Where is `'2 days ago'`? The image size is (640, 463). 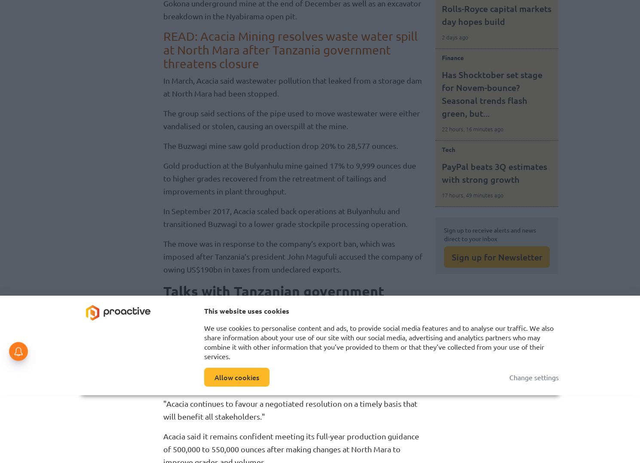 '2 days ago' is located at coordinates (454, 37).